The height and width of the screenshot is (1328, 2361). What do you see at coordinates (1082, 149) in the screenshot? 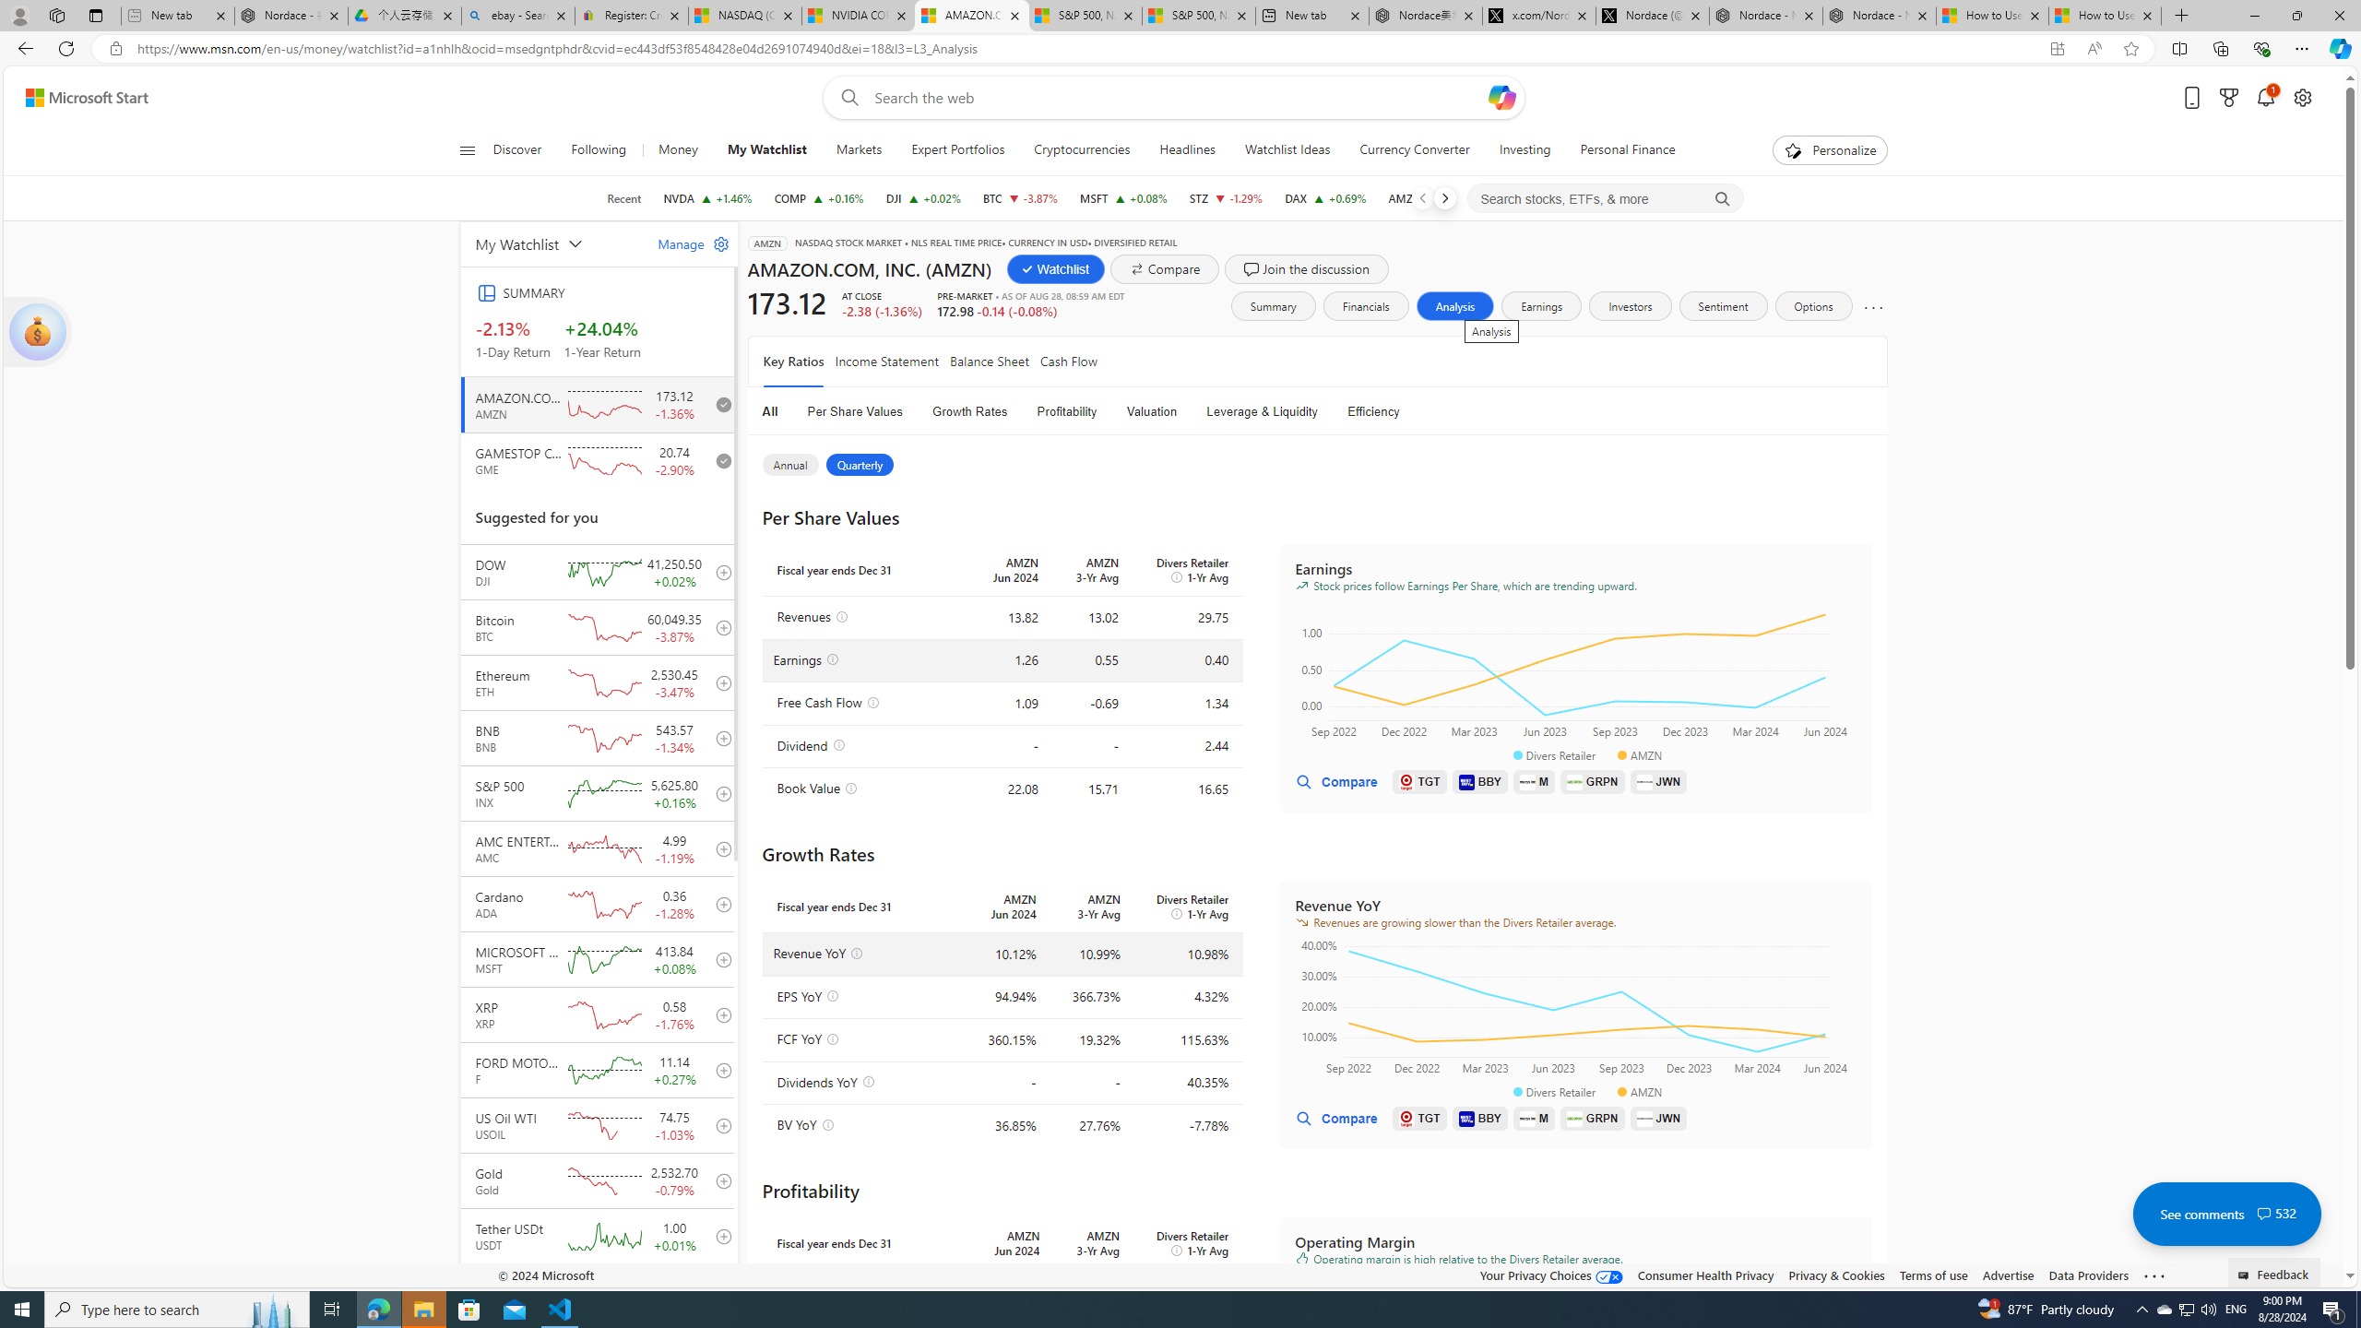
I see `'Cryptocurrencies'` at bounding box center [1082, 149].